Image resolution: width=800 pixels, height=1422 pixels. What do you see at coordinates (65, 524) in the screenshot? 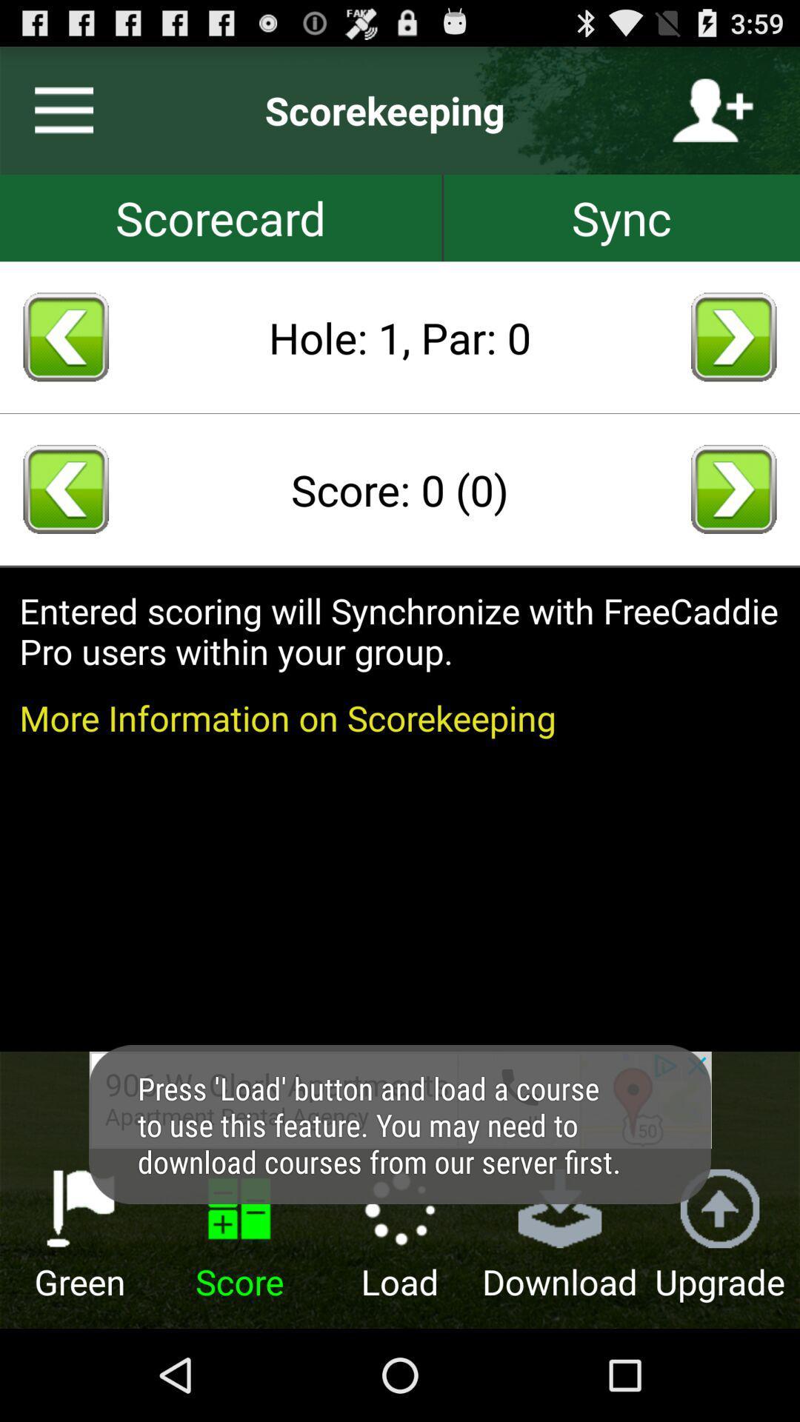
I see `the arrow_backward icon` at bounding box center [65, 524].